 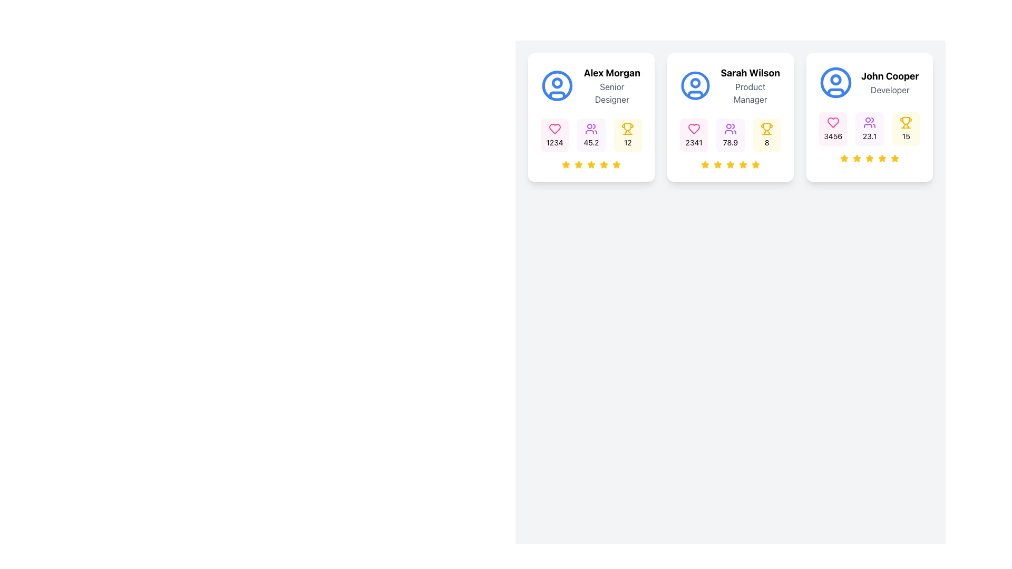 What do you see at coordinates (694, 129) in the screenshot?
I see `the leftmost icon representing metric data (likes or favorites) for Sarah Wilson's profile, which has a value of '2341' below it` at bounding box center [694, 129].